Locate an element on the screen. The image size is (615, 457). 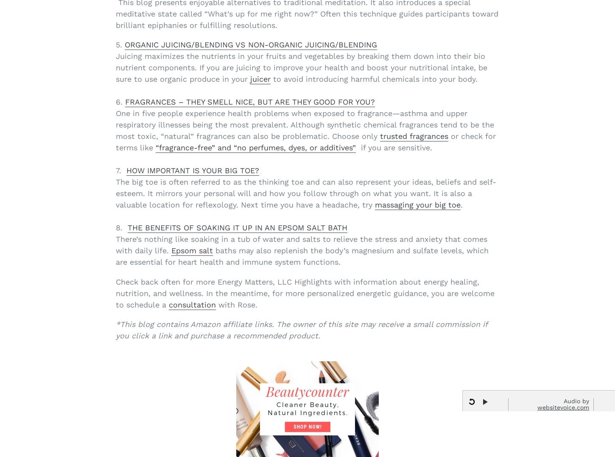
'There’s nothing like soaking in a tub of water and salts to relieve the stress and anxiety that comes with daily life.' is located at coordinates (301, 244).